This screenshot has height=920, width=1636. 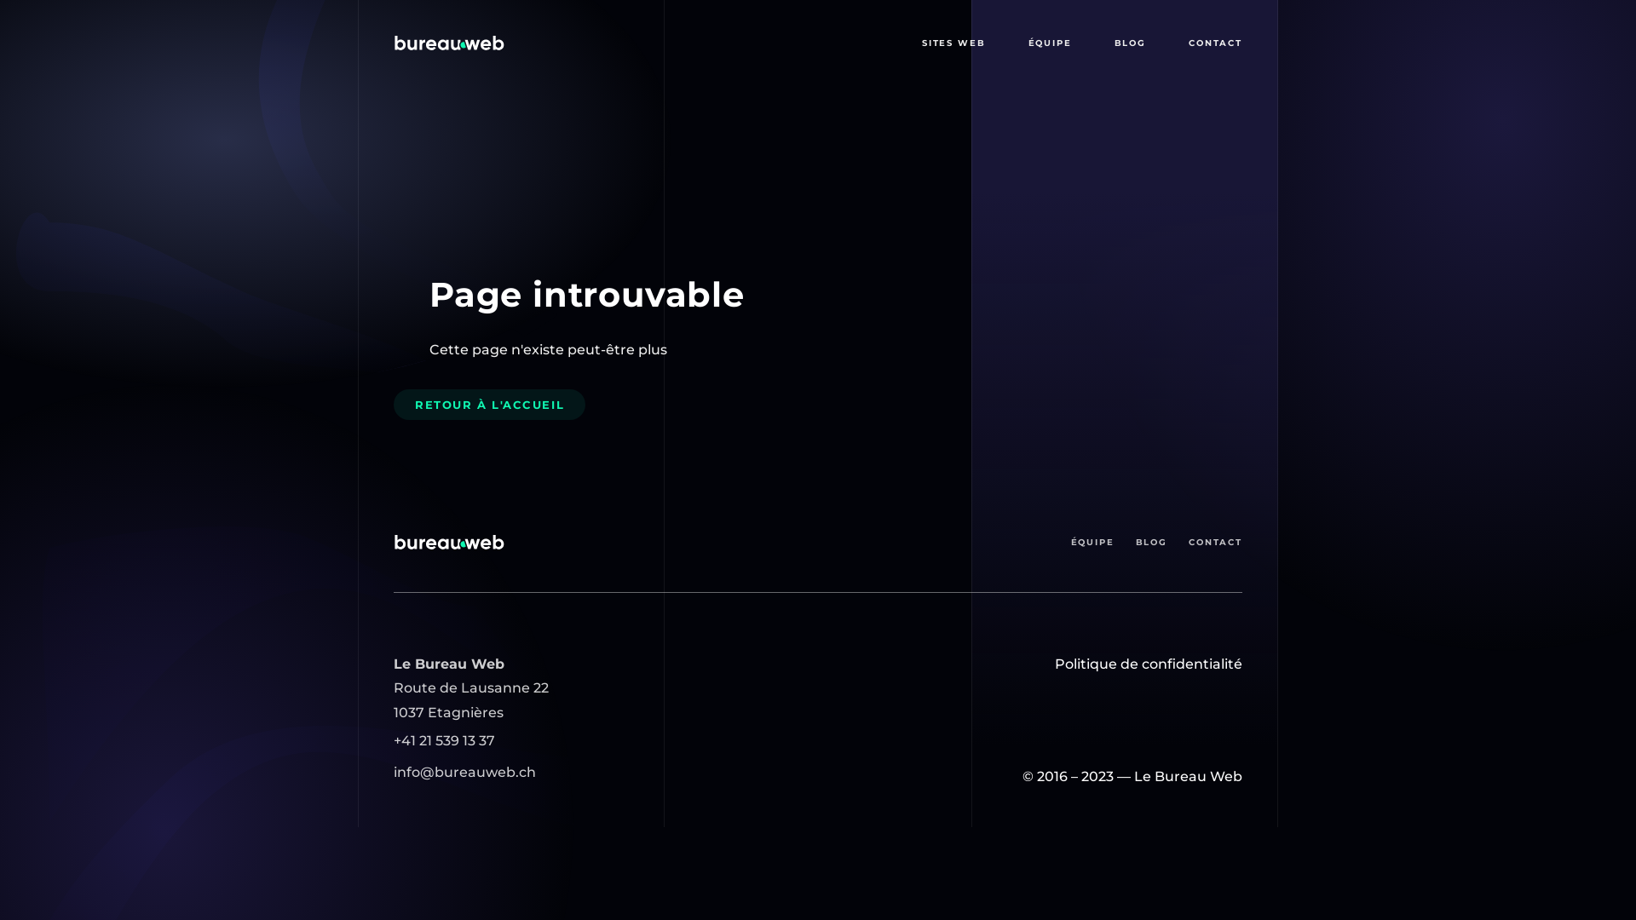 I want to click on '+41 21 539 13 37', so click(x=392, y=740).